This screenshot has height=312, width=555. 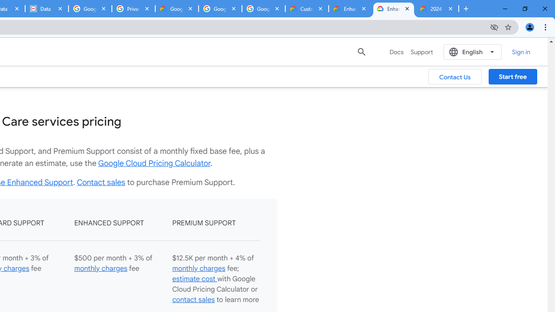 What do you see at coordinates (393, 9) in the screenshot?
I see `'Enhanced Support | Google Cloud'` at bounding box center [393, 9].